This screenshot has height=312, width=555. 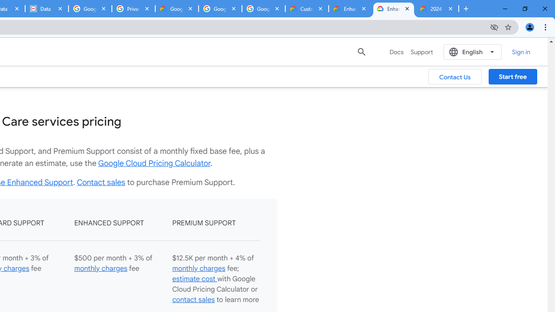 What do you see at coordinates (393, 9) in the screenshot?
I see `'Enhanced Support | Google Cloud'` at bounding box center [393, 9].